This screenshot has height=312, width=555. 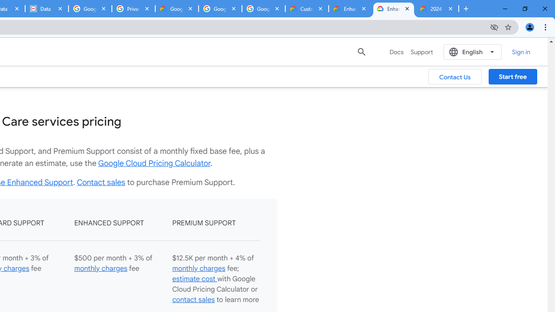 What do you see at coordinates (393, 9) in the screenshot?
I see `'Enhanced Support | Google Cloud'` at bounding box center [393, 9].